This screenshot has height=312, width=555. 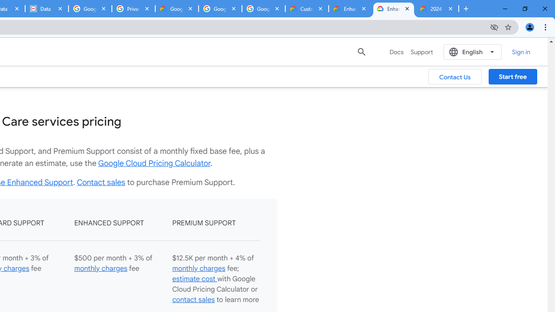 What do you see at coordinates (393, 9) in the screenshot?
I see `'Enhanced Support | Google Cloud'` at bounding box center [393, 9].